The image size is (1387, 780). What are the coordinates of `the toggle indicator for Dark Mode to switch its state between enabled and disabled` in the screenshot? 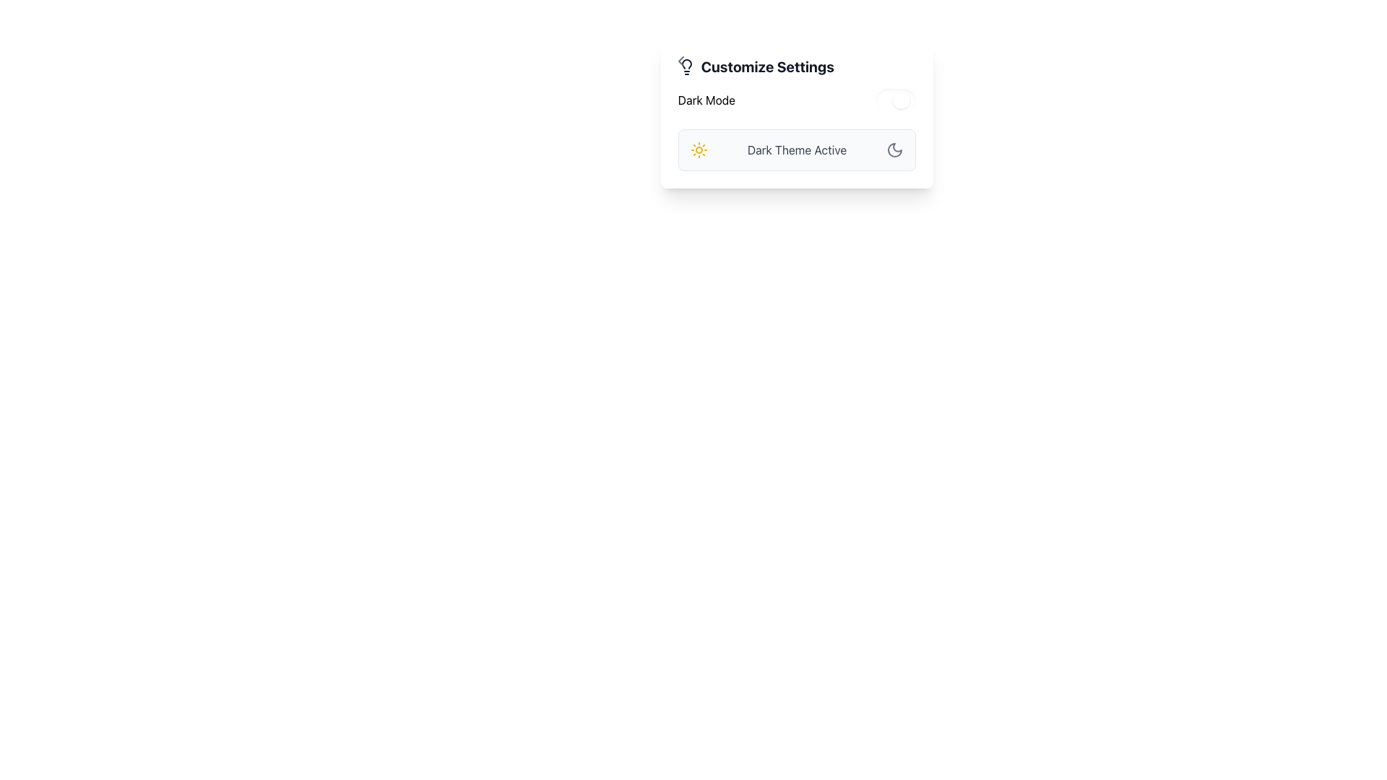 It's located at (901, 99).